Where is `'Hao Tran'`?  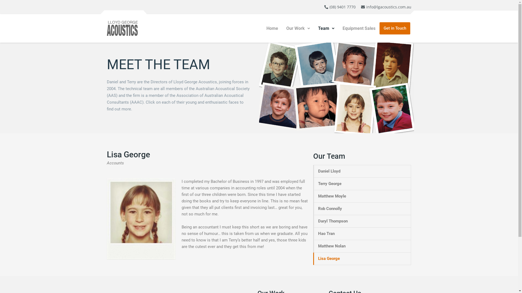 'Hao Tran' is located at coordinates (362, 233).